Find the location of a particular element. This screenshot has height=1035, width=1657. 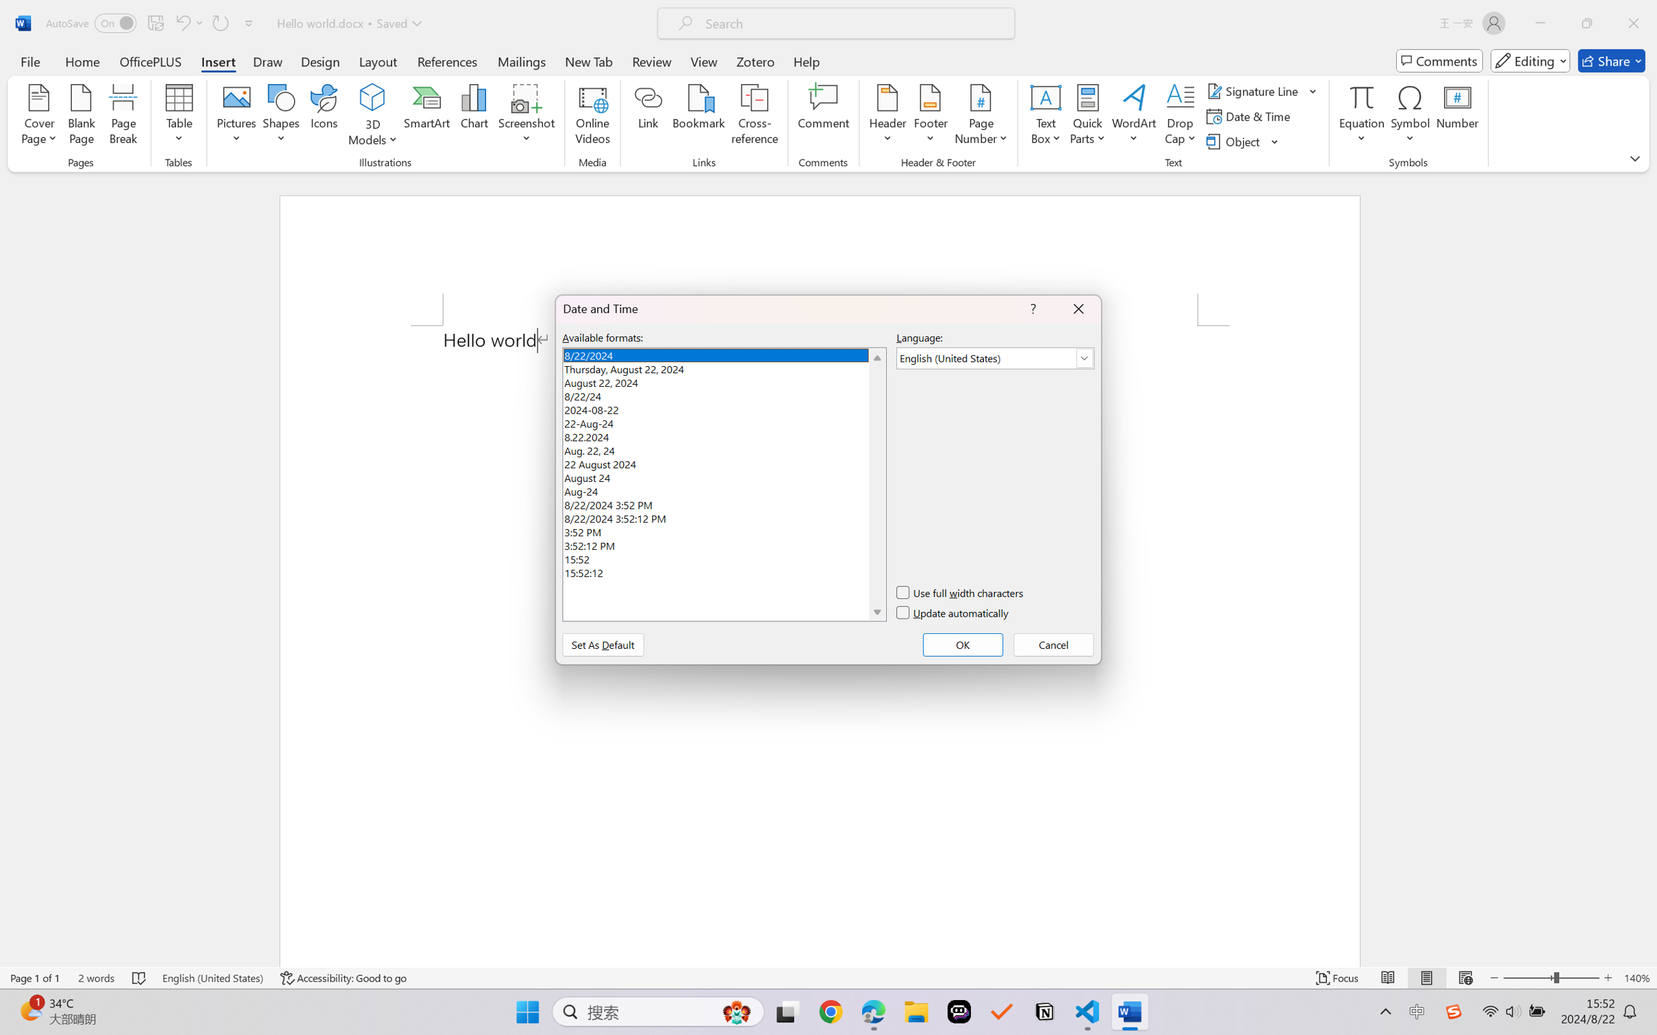

'Design' is located at coordinates (320, 60).